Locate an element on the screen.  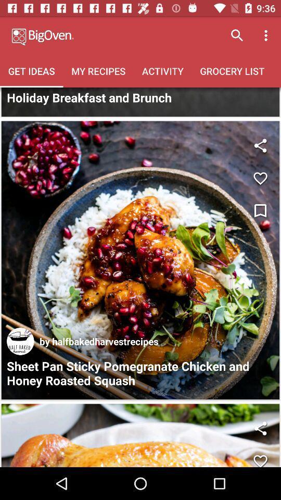
heading of the page with logo is located at coordinates (85, 35).